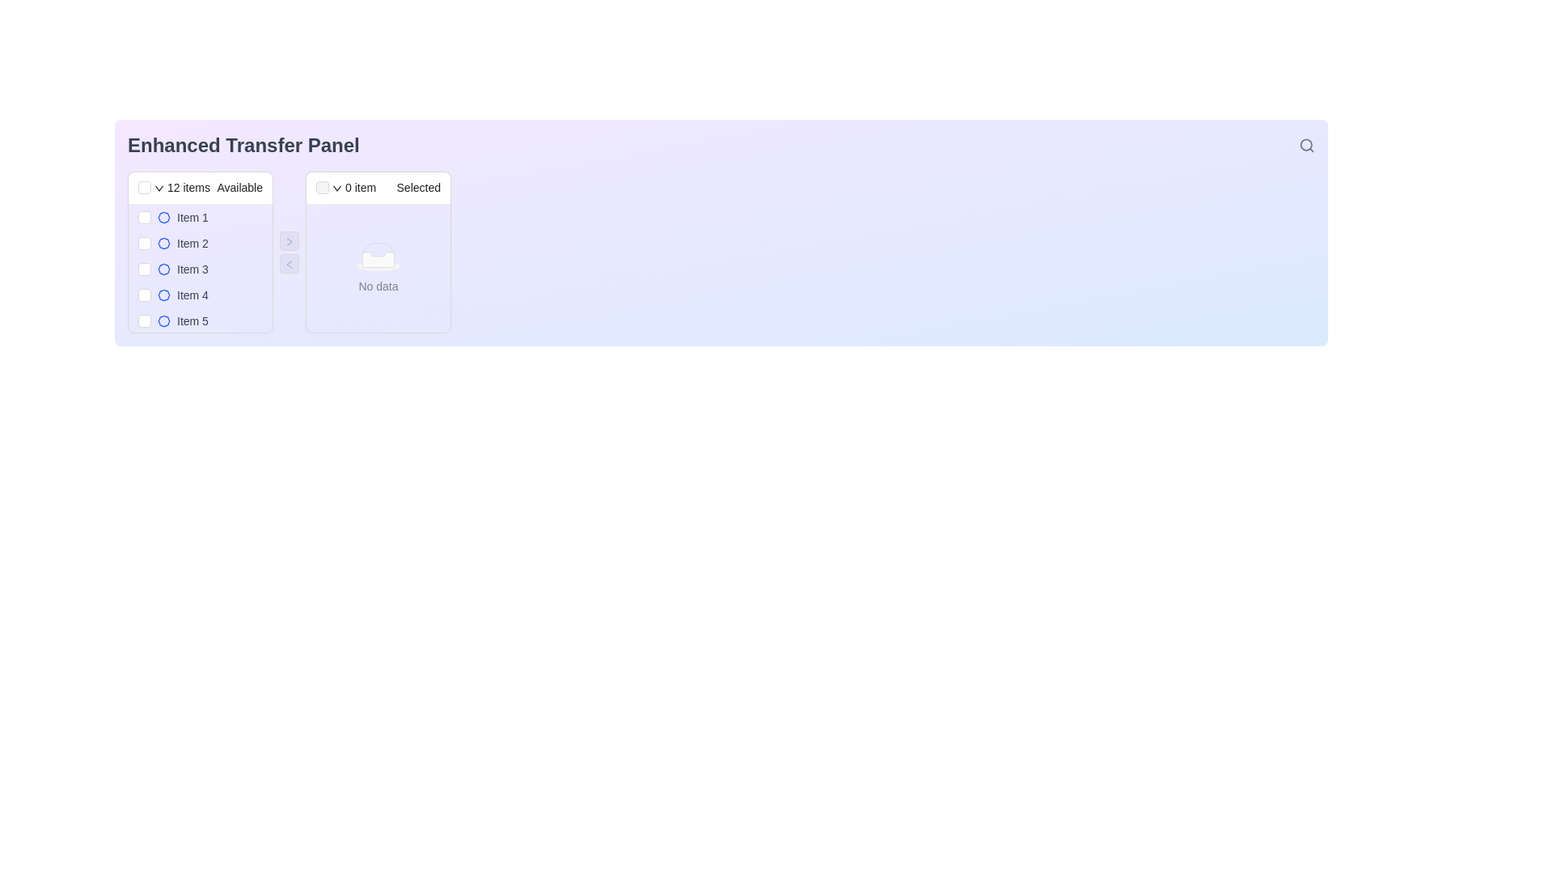  I want to click on the icon to the left of the text 'Item 4' in the 'Available' list within the 'Enhanced Transfer Panel', so click(163, 295).